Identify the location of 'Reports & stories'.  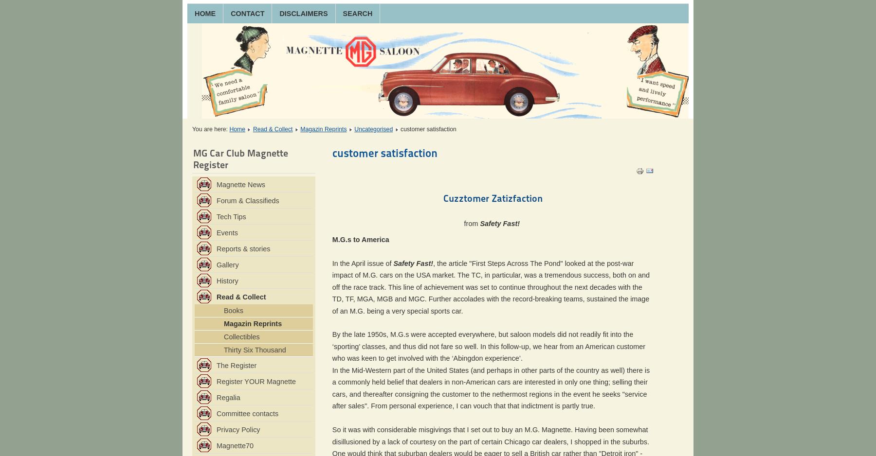
(243, 248).